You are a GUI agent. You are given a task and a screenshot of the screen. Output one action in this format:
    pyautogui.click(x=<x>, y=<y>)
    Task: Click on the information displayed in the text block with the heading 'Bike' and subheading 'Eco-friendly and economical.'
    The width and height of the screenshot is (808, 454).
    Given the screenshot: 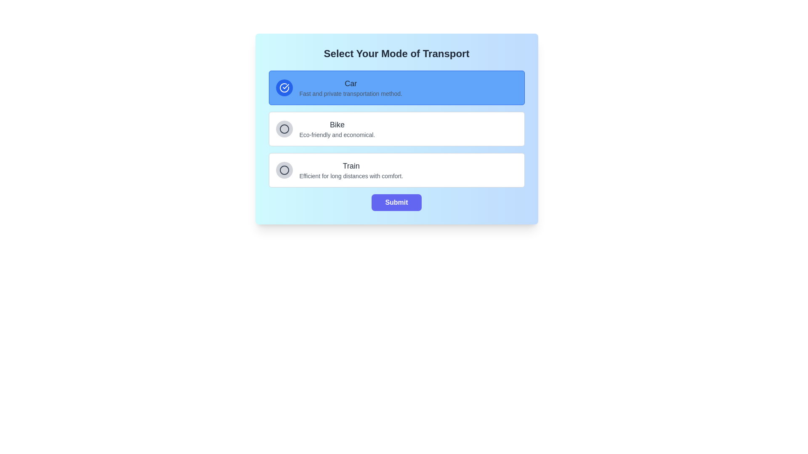 What is the action you would take?
    pyautogui.click(x=337, y=129)
    